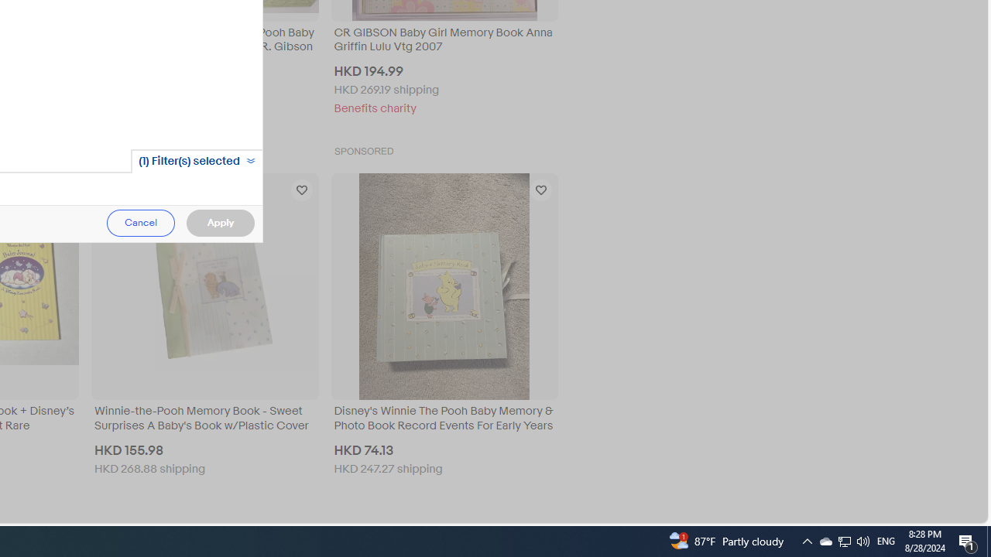 The width and height of the screenshot is (991, 557). Describe the element at coordinates (141, 223) in the screenshot. I see `'Cancel'` at that location.